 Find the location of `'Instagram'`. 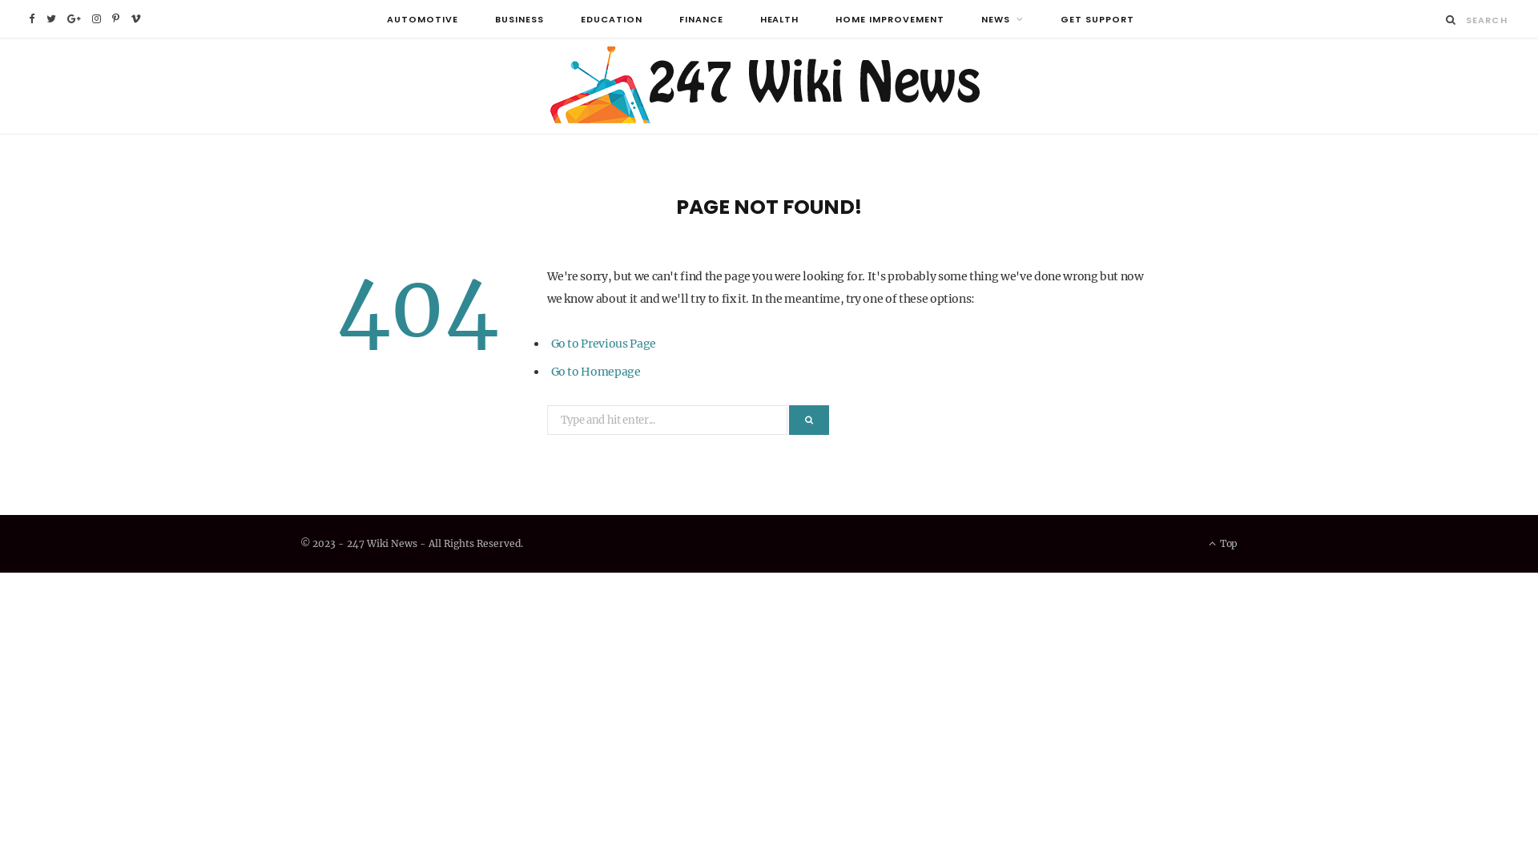

'Instagram' is located at coordinates (95, 18).